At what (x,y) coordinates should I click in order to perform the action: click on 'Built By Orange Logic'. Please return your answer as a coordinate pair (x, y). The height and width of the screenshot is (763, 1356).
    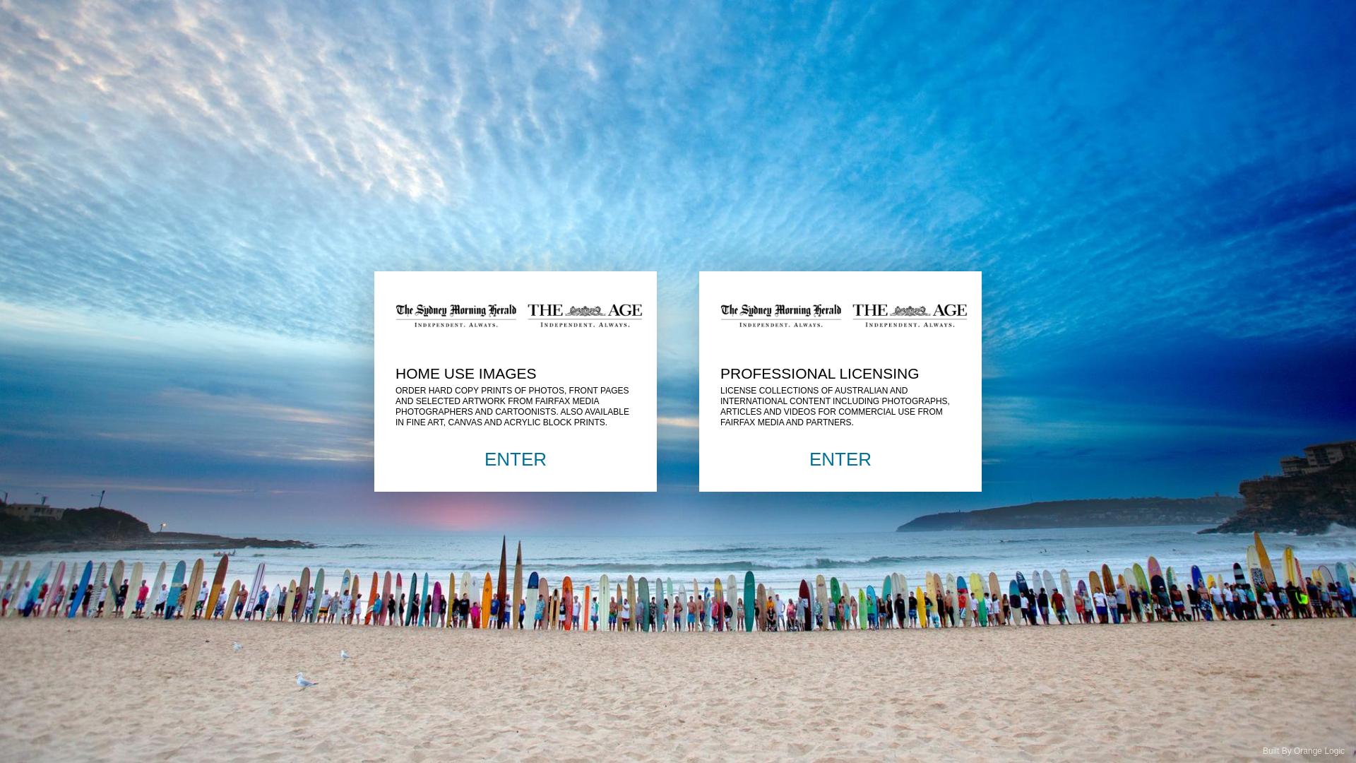
    Looking at the image, I should click on (1303, 750).